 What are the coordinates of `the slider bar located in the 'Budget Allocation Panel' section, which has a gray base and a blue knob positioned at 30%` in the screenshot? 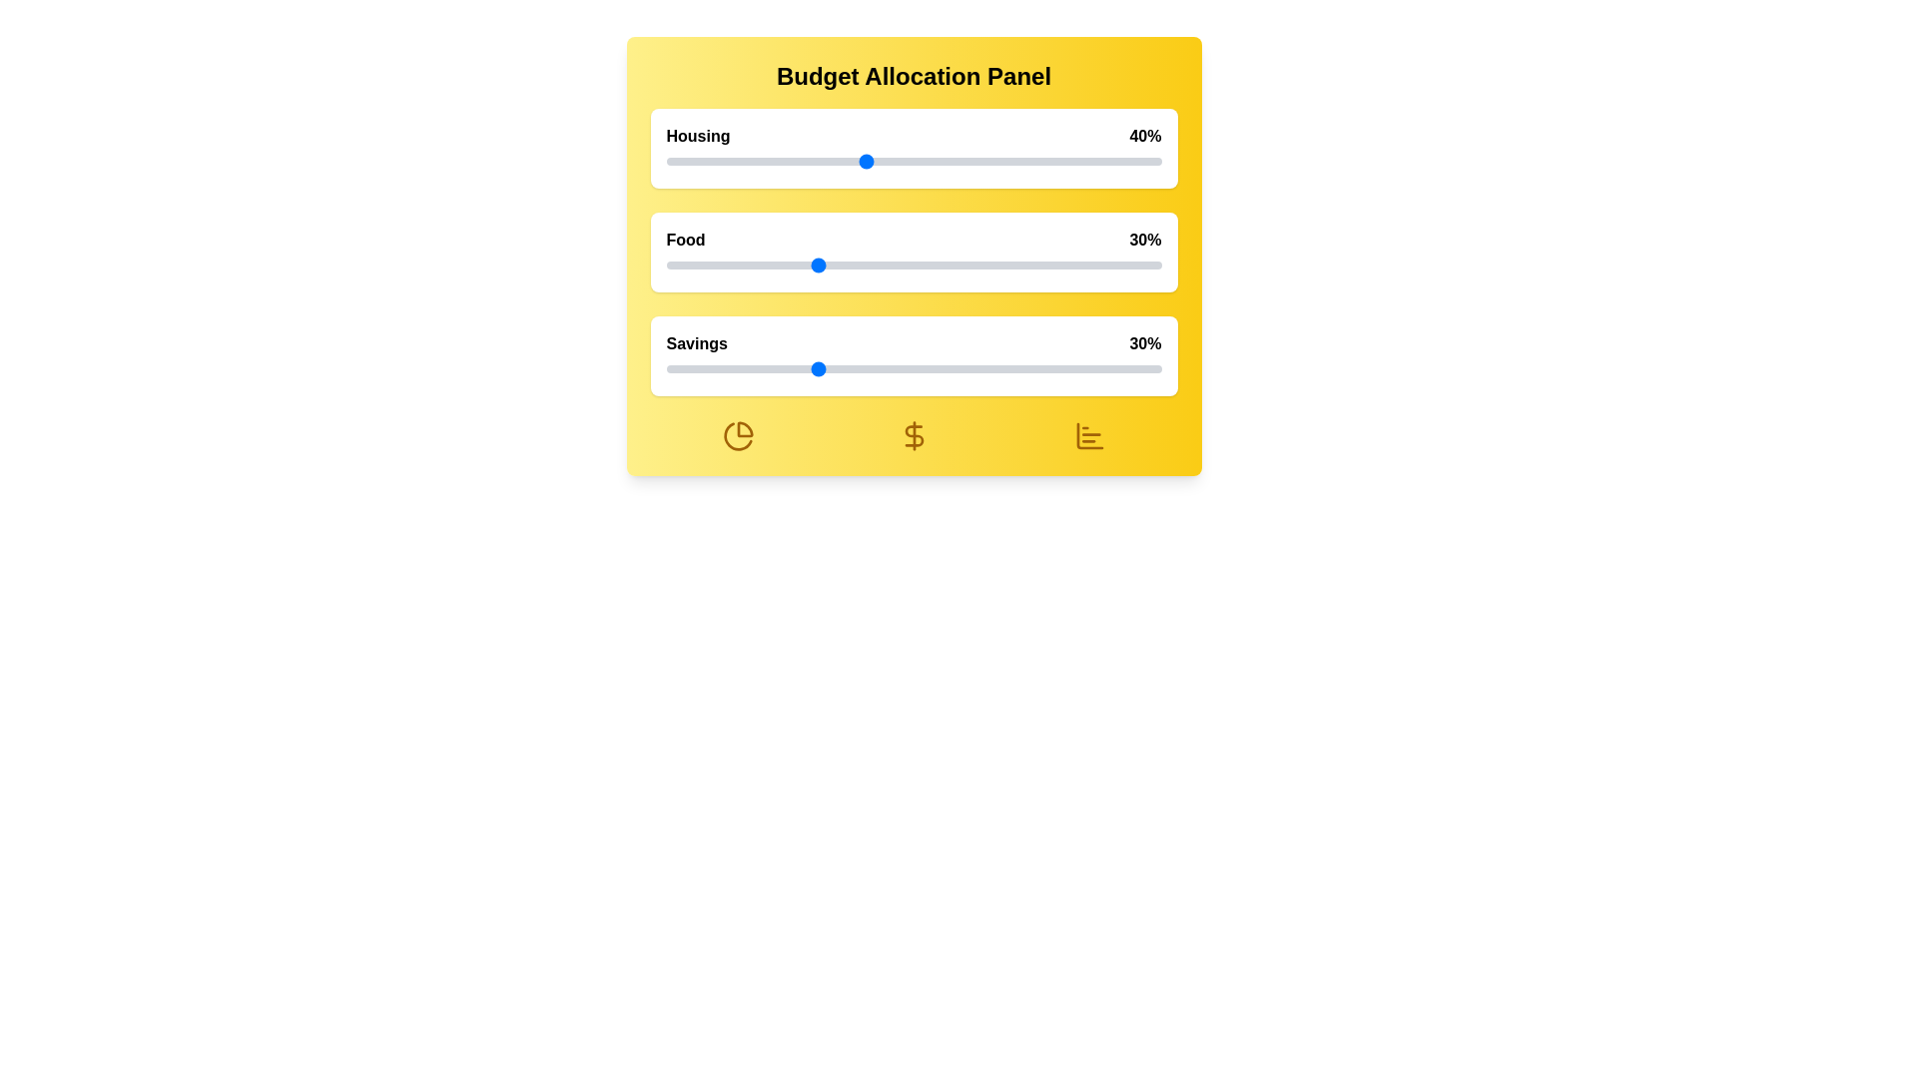 It's located at (913, 369).